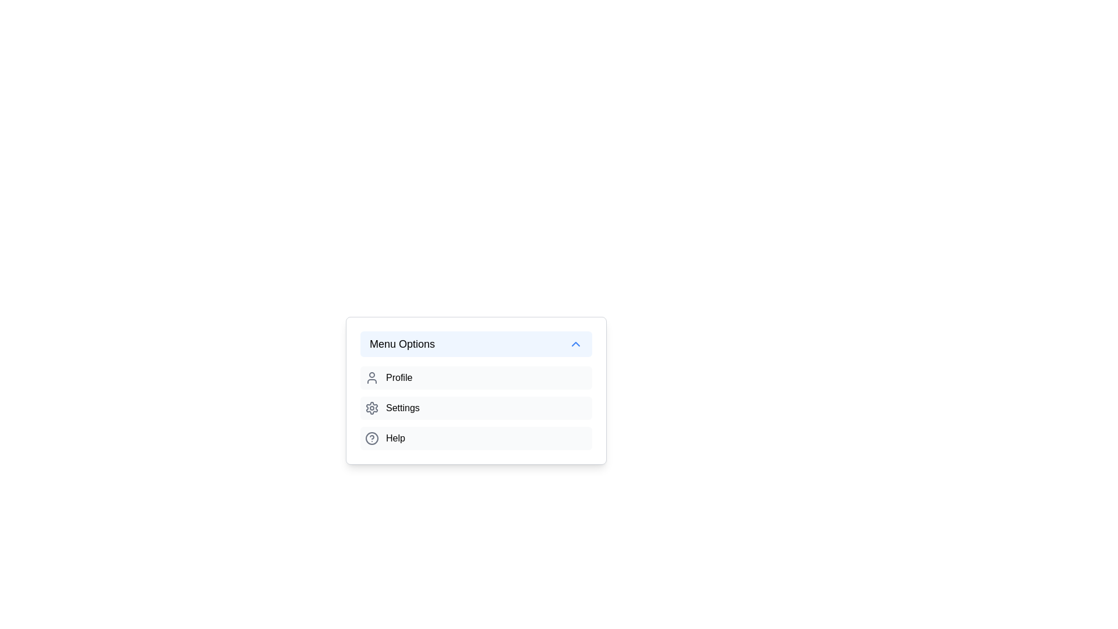  What do you see at coordinates (476, 377) in the screenshot?
I see `the clickable menu item located below 'Menu Options'` at bounding box center [476, 377].